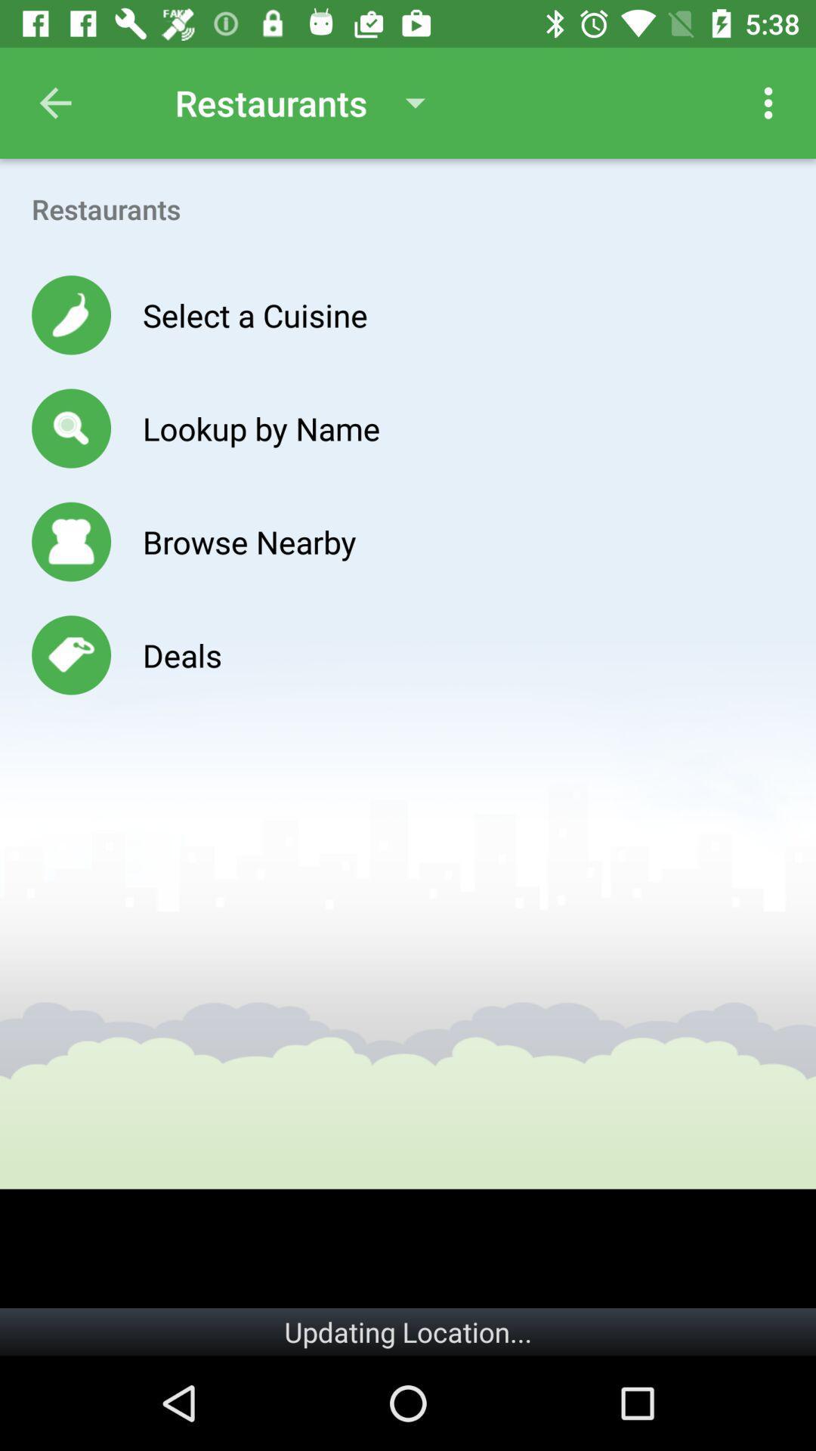  What do you see at coordinates (261, 427) in the screenshot?
I see `the lookup by name` at bounding box center [261, 427].